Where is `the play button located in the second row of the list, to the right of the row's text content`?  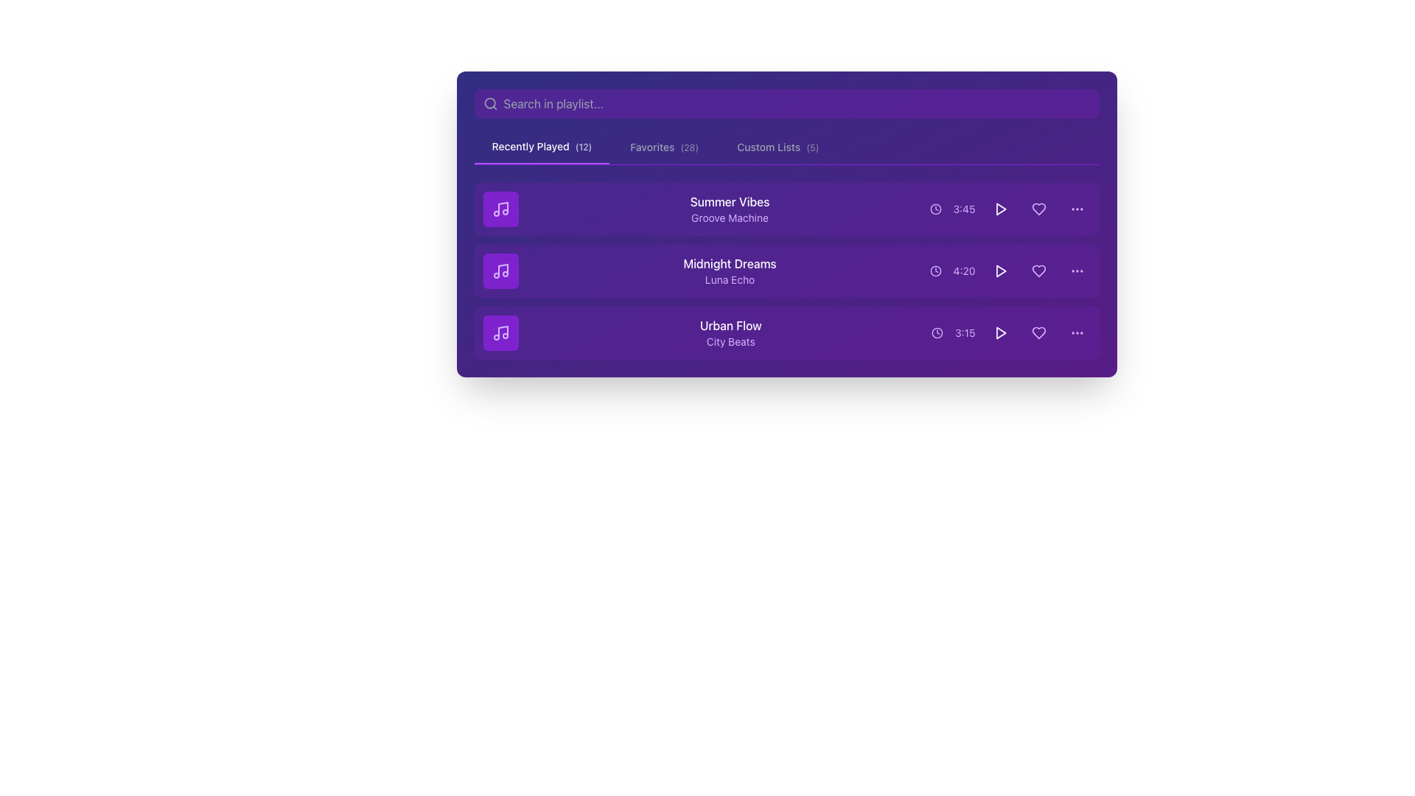 the play button located in the second row of the list, to the right of the row's text content is located at coordinates (1001, 270).